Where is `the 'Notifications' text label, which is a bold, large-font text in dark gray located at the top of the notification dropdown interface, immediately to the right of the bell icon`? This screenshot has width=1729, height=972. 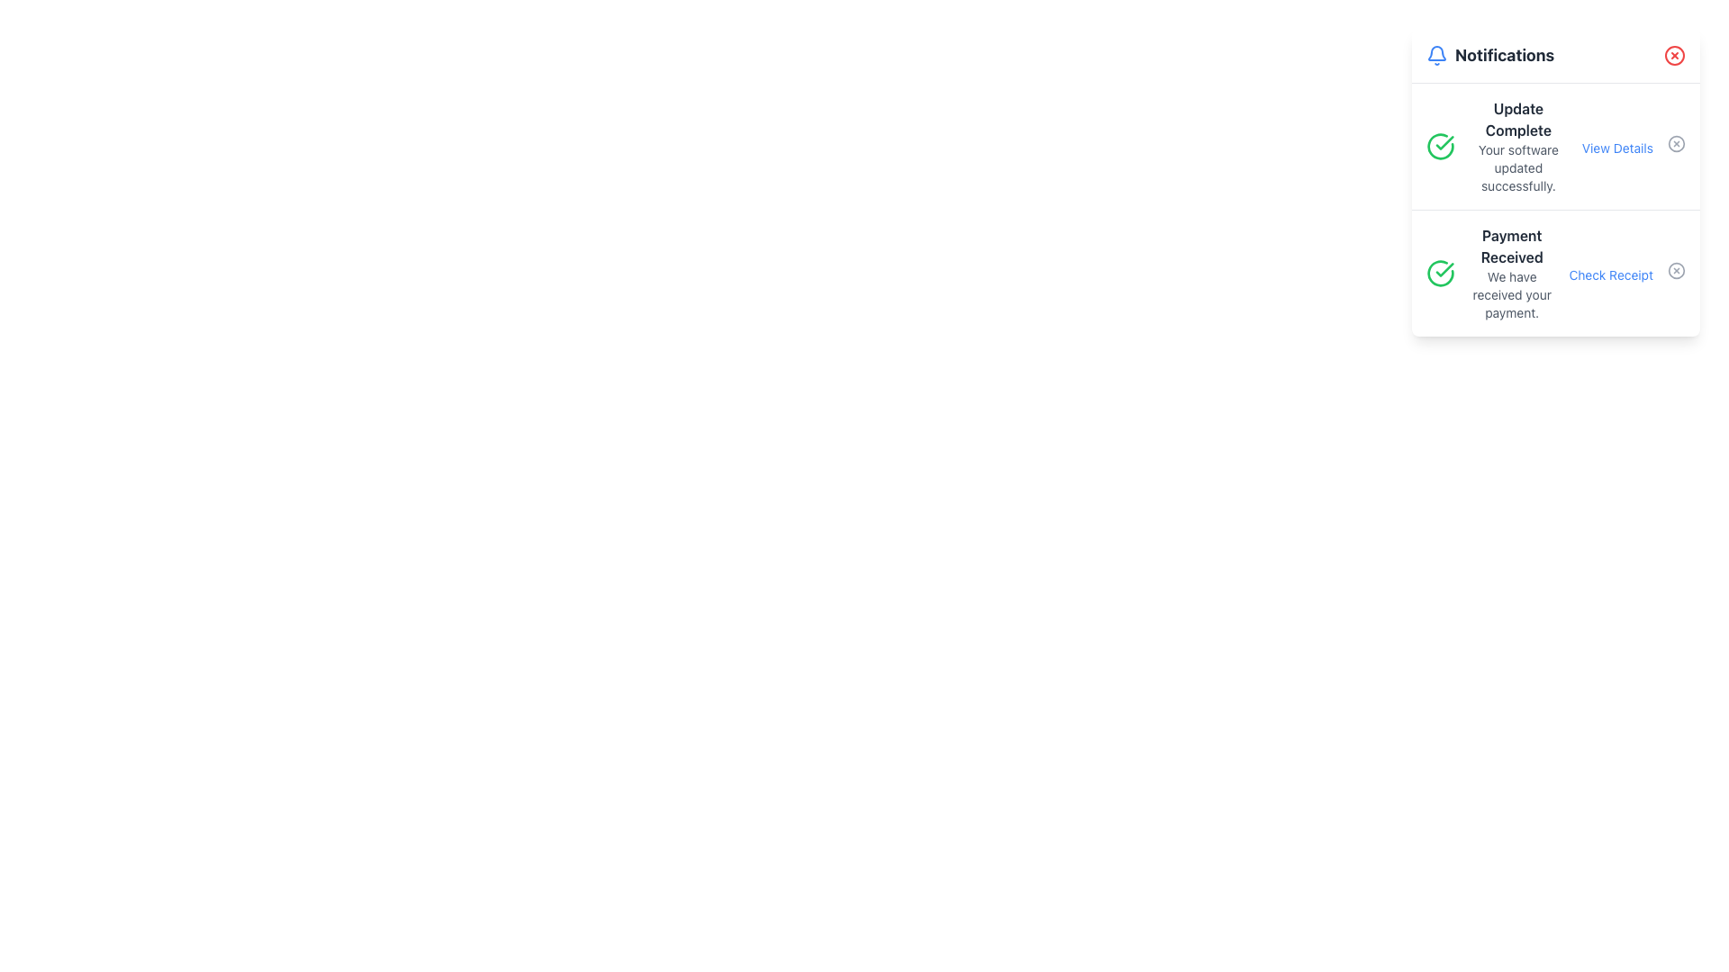
the 'Notifications' text label, which is a bold, large-font text in dark gray located at the top of the notification dropdown interface, immediately to the right of the bell icon is located at coordinates (1505, 54).